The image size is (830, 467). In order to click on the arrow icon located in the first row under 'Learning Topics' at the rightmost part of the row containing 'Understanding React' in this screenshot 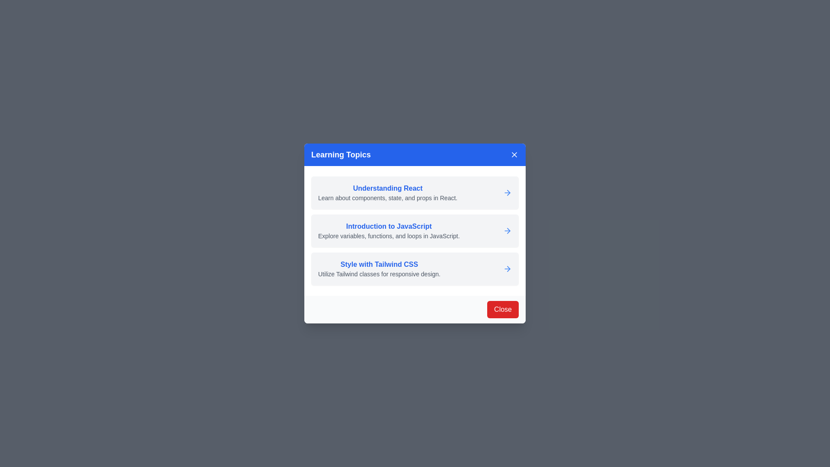, I will do `click(508, 192)`.